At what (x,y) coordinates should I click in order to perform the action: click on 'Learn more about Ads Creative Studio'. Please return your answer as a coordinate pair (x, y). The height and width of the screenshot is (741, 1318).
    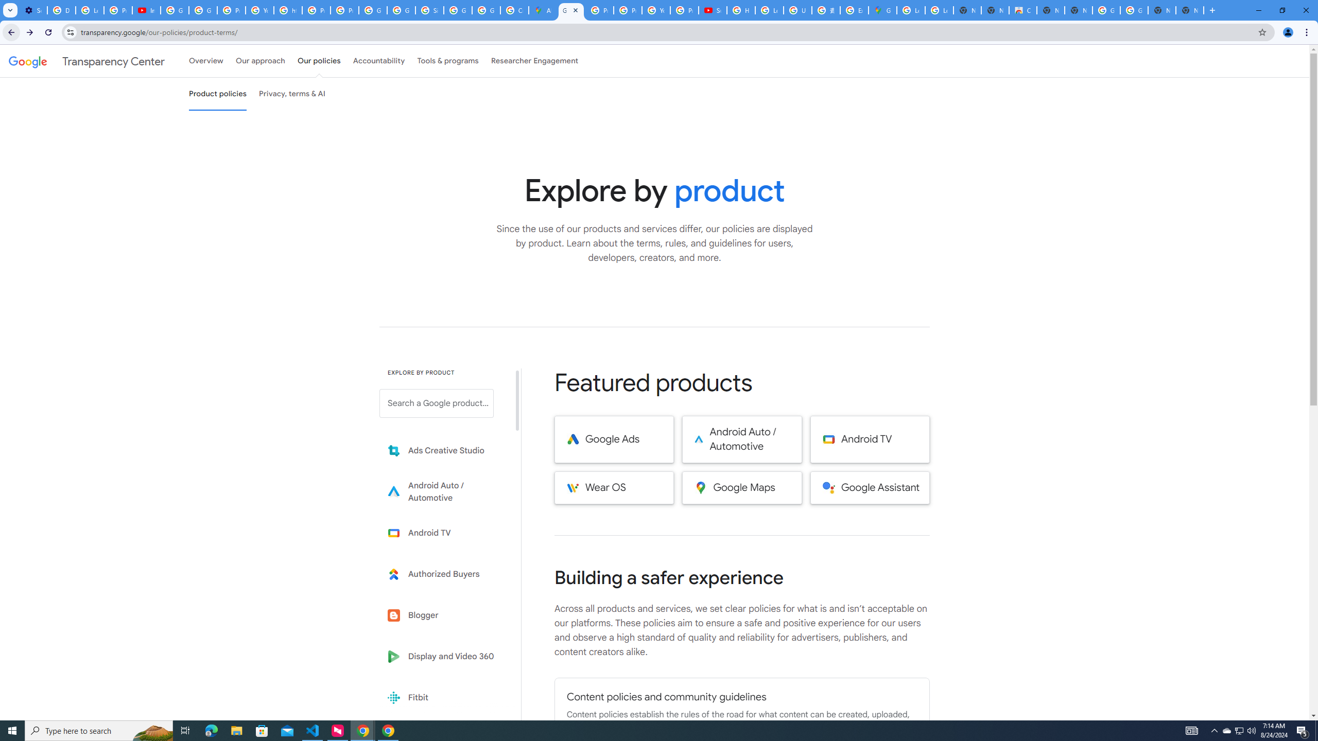
    Looking at the image, I should click on (443, 451).